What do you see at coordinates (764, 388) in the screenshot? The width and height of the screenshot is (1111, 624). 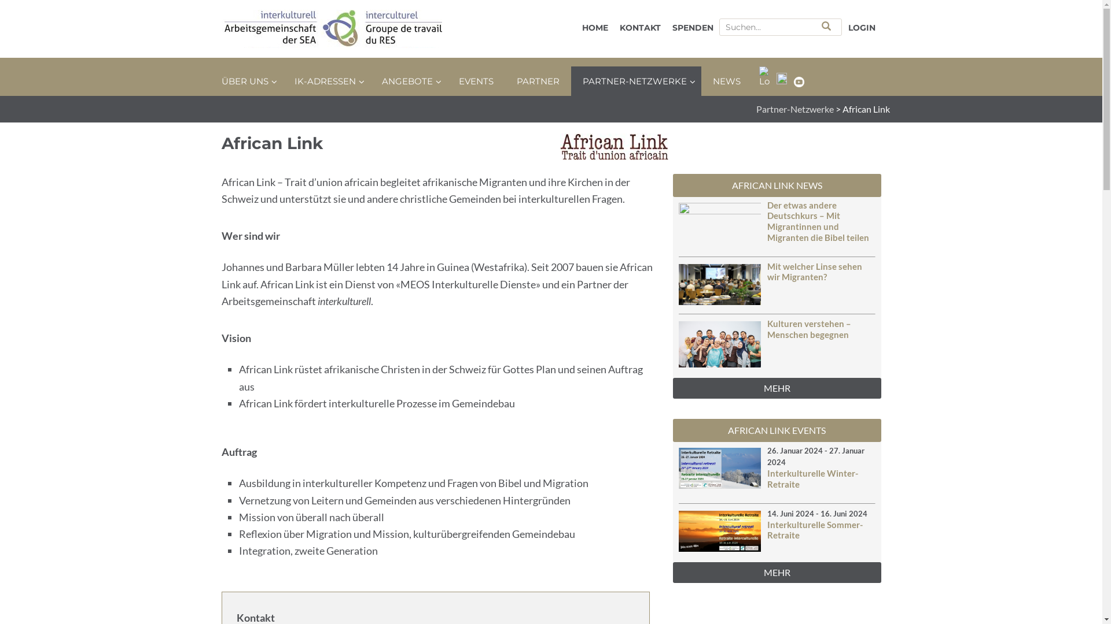 I see `'MEHR'` at bounding box center [764, 388].